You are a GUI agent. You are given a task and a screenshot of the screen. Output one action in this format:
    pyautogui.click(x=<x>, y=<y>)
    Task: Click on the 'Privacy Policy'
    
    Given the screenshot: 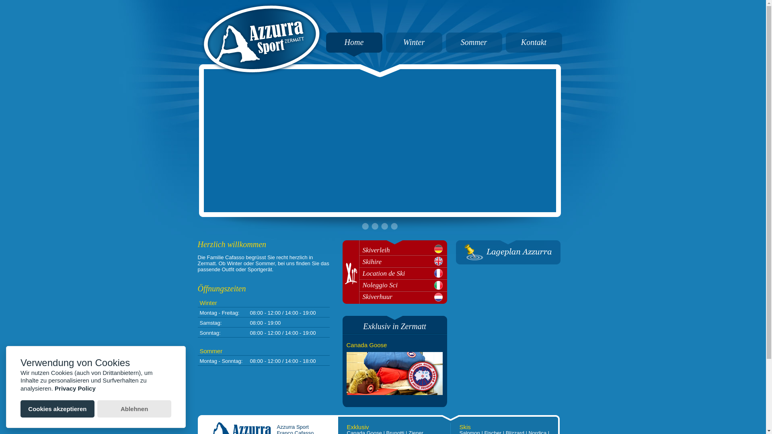 What is the action you would take?
    pyautogui.click(x=75, y=388)
    